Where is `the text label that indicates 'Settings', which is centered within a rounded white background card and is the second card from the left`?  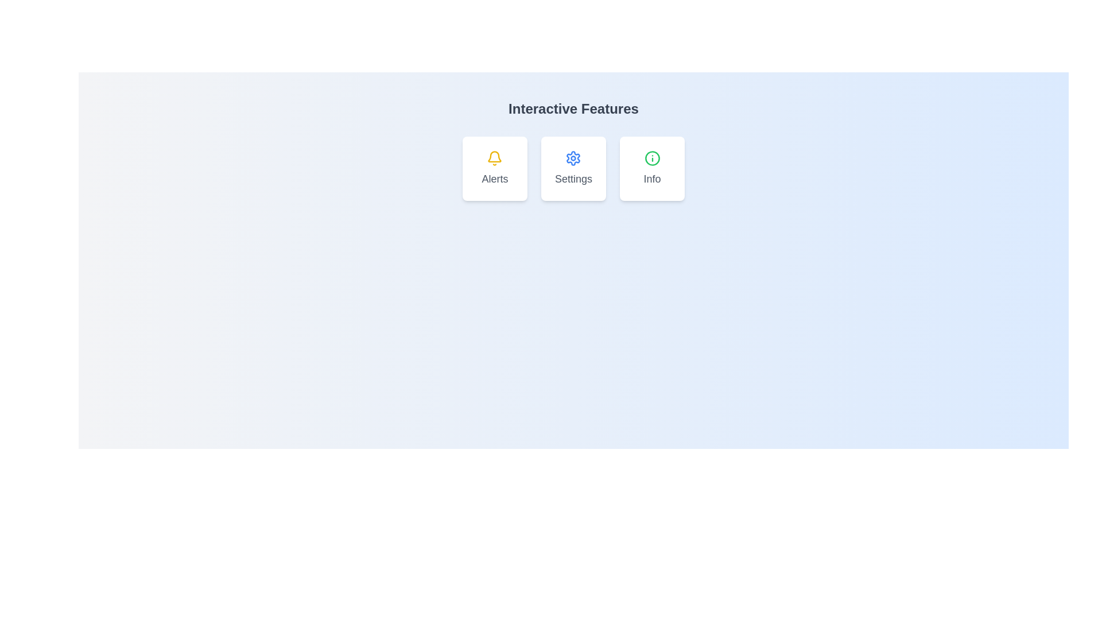
the text label that indicates 'Settings', which is centered within a rounded white background card and is the second card from the left is located at coordinates (573, 179).